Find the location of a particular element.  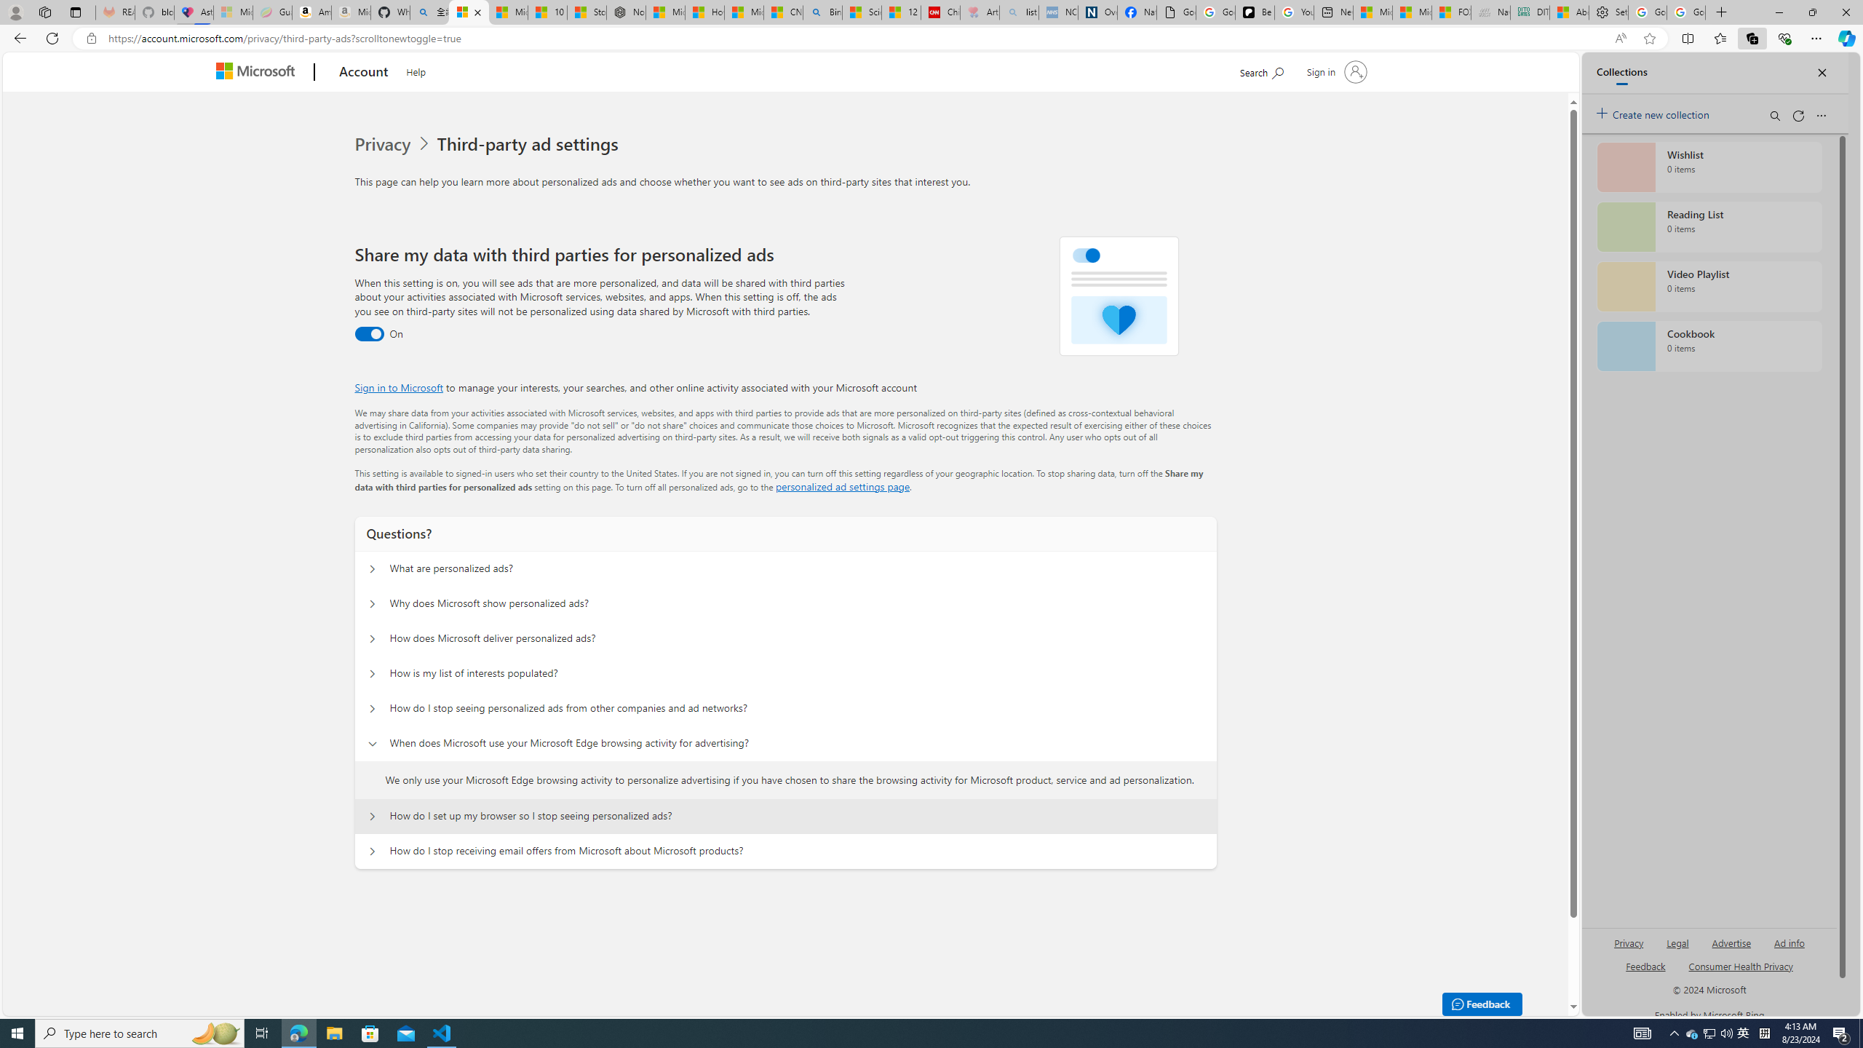

'NCL Adult Asthma Inhaler Choice Guideline - Sleeping' is located at coordinates (1058, 12).